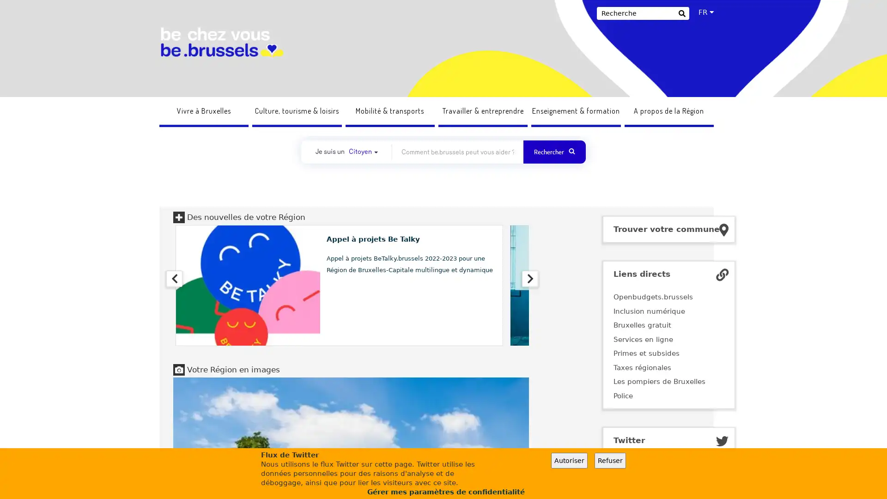 This screenshot has width=887, height=499. Describe the element at coordinates (569, 460) in the screenshot. I see `Autoriser` at that location.